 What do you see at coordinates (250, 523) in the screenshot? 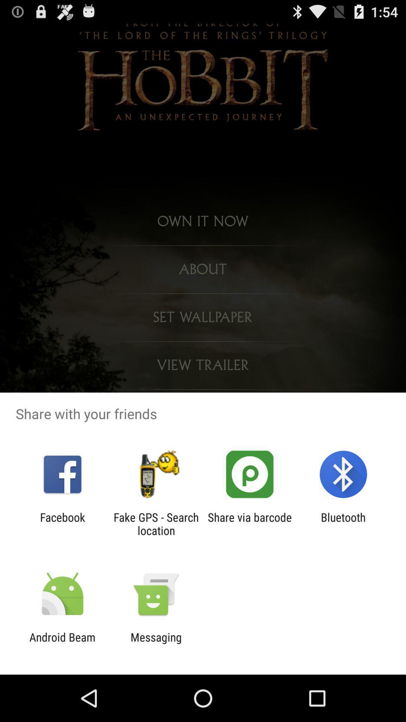
I see `the share via barcode icon` at bounding box center [250, 523].